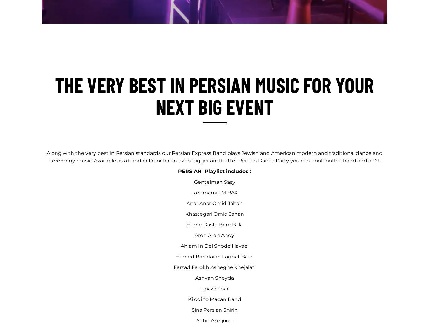 The image size is (429, 323). What do you see at coordinates (214, 278) in the screenshot?
I see `'Ashvan Sheyda'` at bounding box center [214, 278].